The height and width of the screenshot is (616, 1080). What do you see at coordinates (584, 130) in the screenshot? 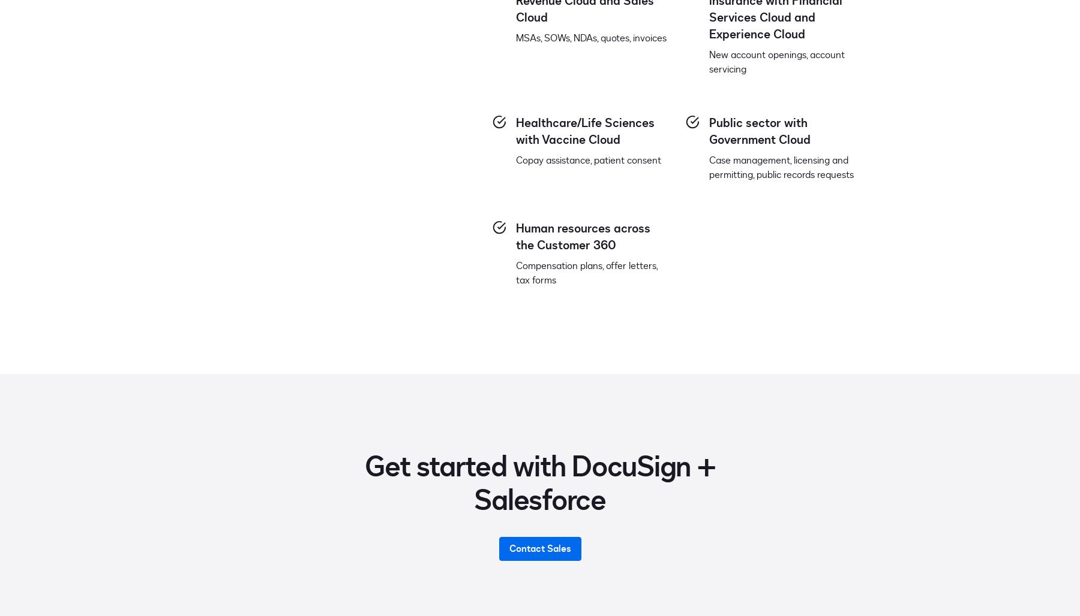
I see `'Healthcare/Life Sciences with Vaccine Cloud'` at bounding box center [584, 130].